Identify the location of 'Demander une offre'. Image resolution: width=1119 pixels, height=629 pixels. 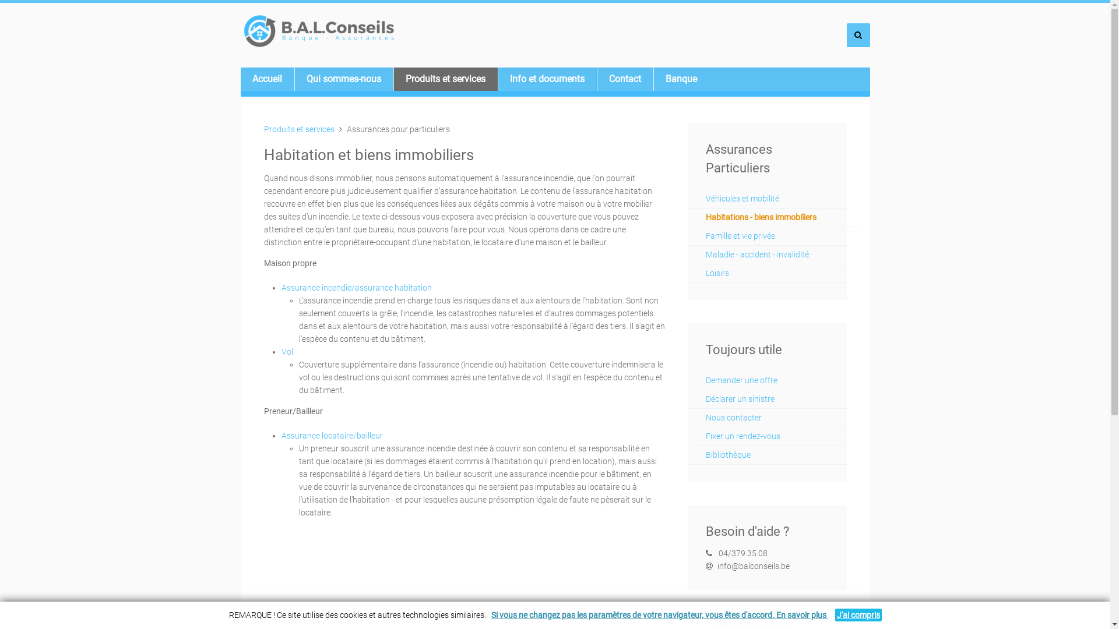
(766, 380).